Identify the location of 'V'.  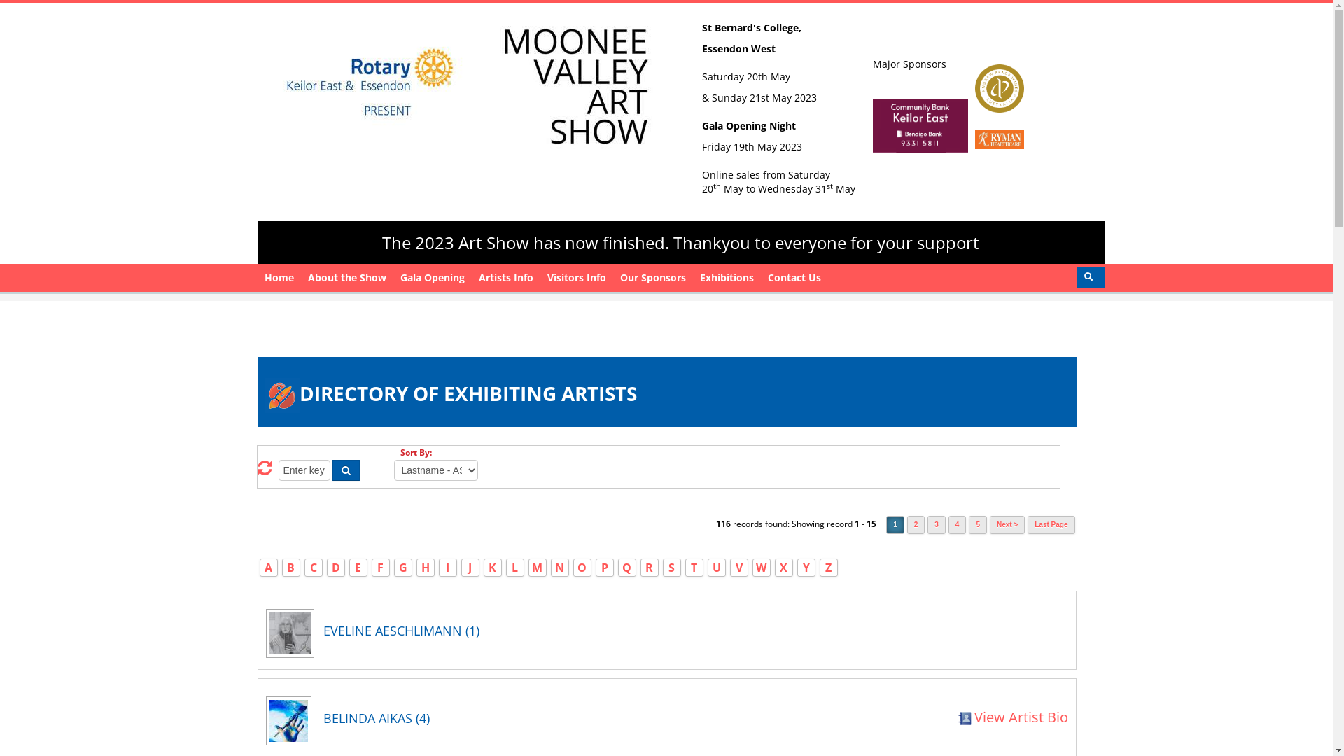
(738, 567).